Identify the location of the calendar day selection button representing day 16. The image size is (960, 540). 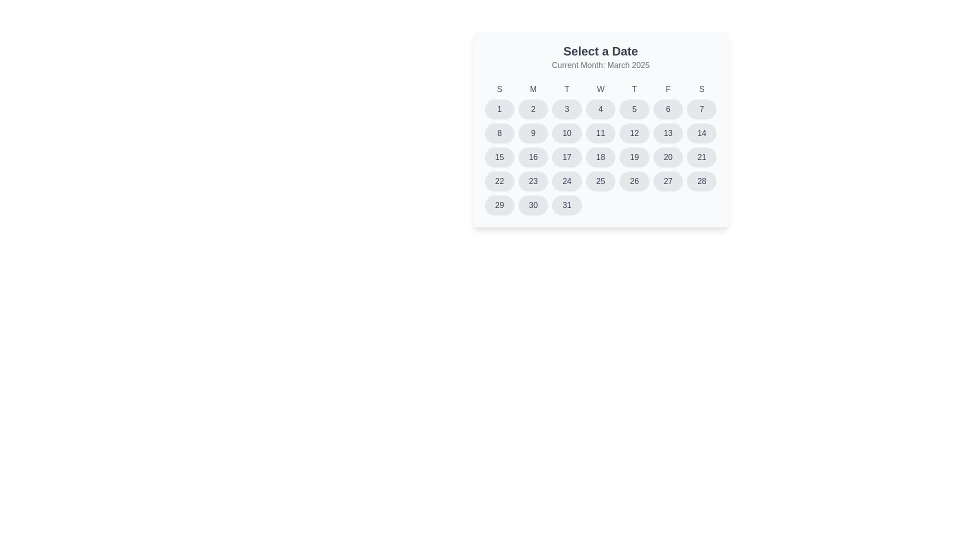
(532, 157).